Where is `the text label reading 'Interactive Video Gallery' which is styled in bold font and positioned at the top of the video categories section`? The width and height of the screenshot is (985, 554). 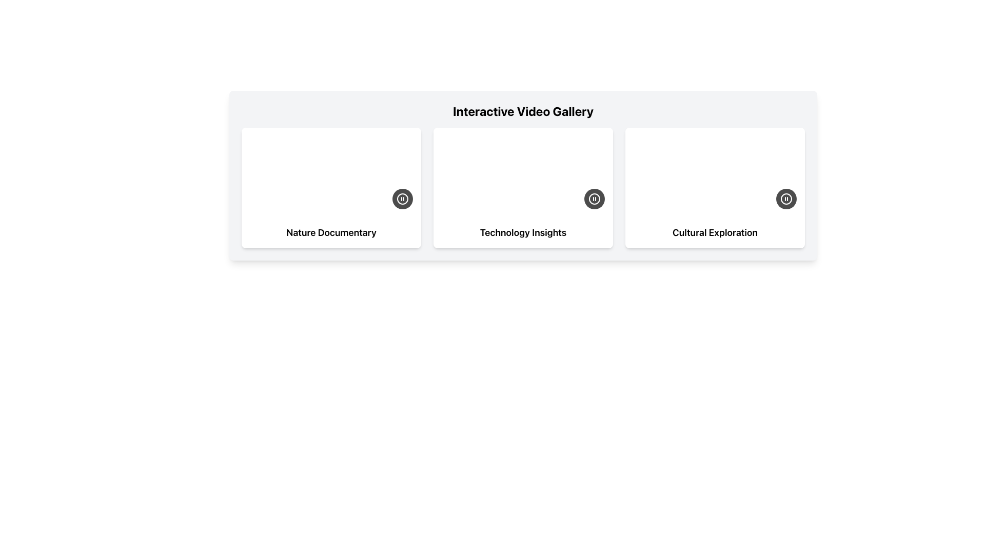
the text label reading 'Interactive Video Gallery' which is styled in bold font and positioned at the top of the video categories section is located at coordinates (523, 111).